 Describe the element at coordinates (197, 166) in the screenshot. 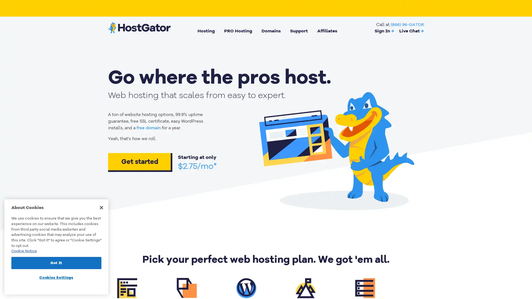

I see `$2.75/mo*` at that location.